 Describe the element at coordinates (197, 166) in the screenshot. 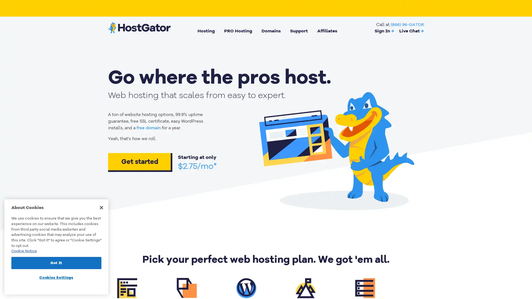

I see `$2.75/mo*` at that location.